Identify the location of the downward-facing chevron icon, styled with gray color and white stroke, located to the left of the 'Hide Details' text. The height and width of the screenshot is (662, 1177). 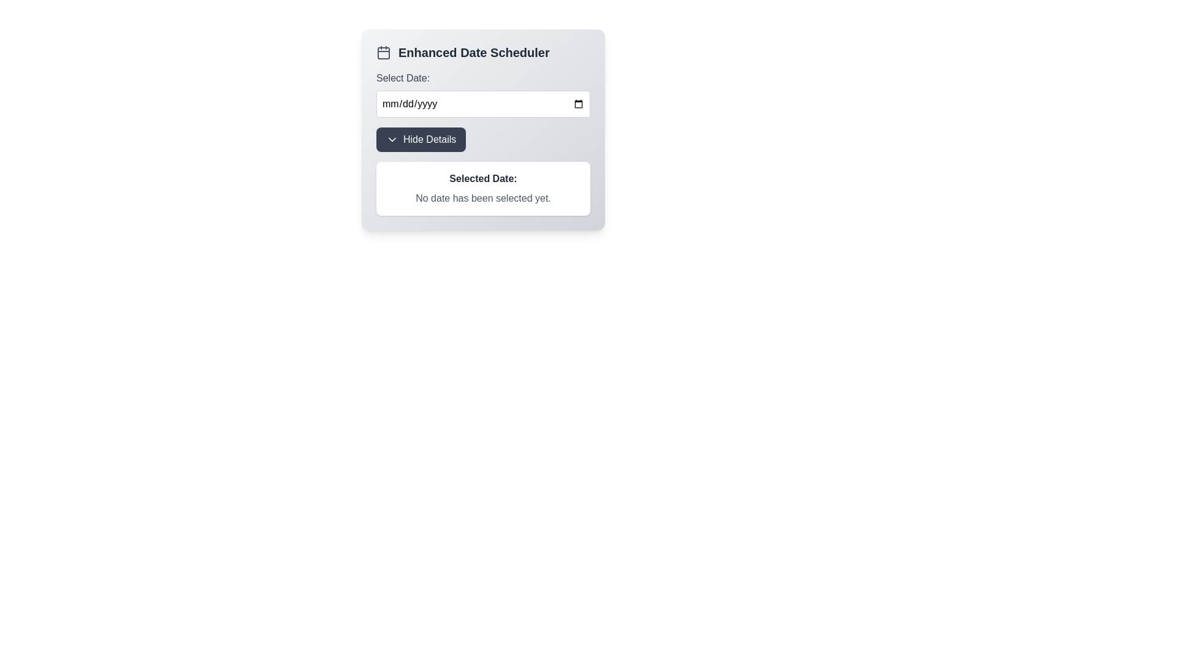
(391, 139).